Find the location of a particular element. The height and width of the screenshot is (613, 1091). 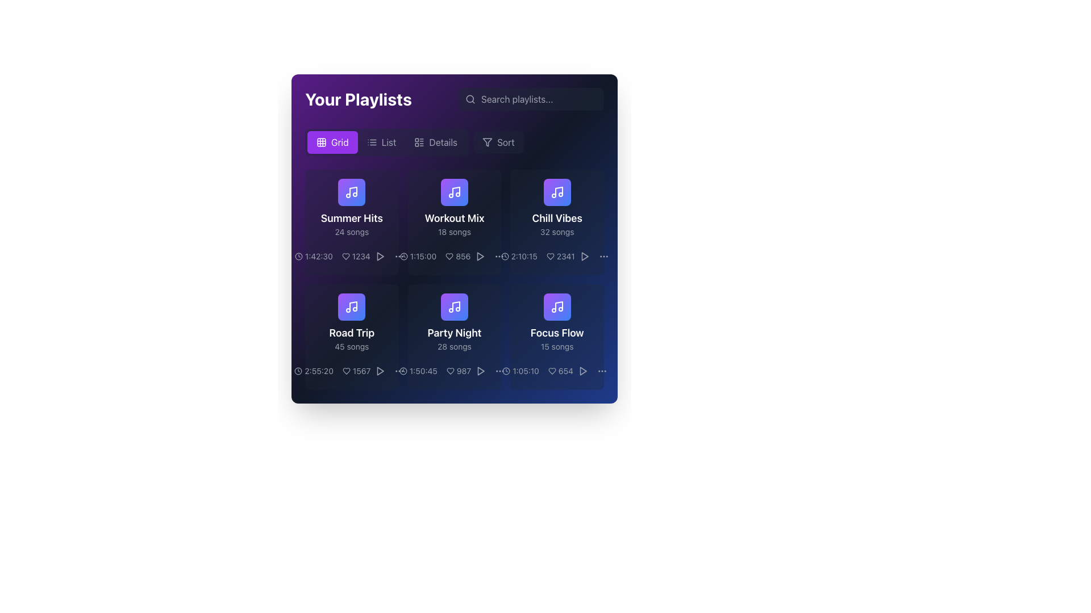

the heart-shaped icon to favorite or unfavorite the third playlist item 'Chill Vibes', located to the left of the numeric label '2341' is located at coordinates (550, 256).